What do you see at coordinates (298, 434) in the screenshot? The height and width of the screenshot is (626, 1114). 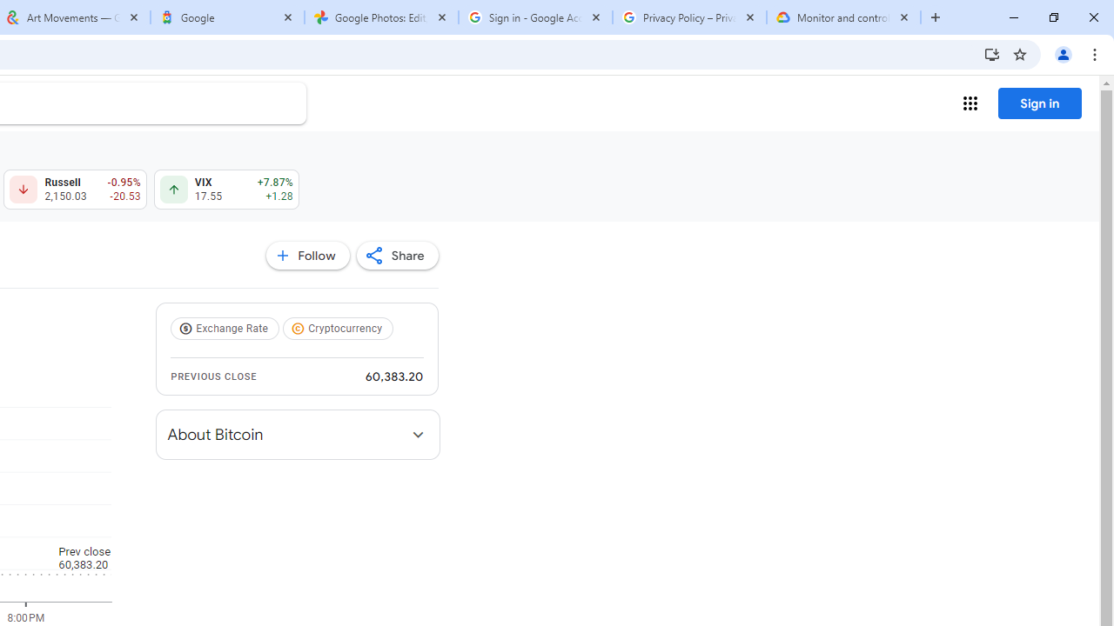 I see `'About Bitcoin'` at bounding box center [298, 434].